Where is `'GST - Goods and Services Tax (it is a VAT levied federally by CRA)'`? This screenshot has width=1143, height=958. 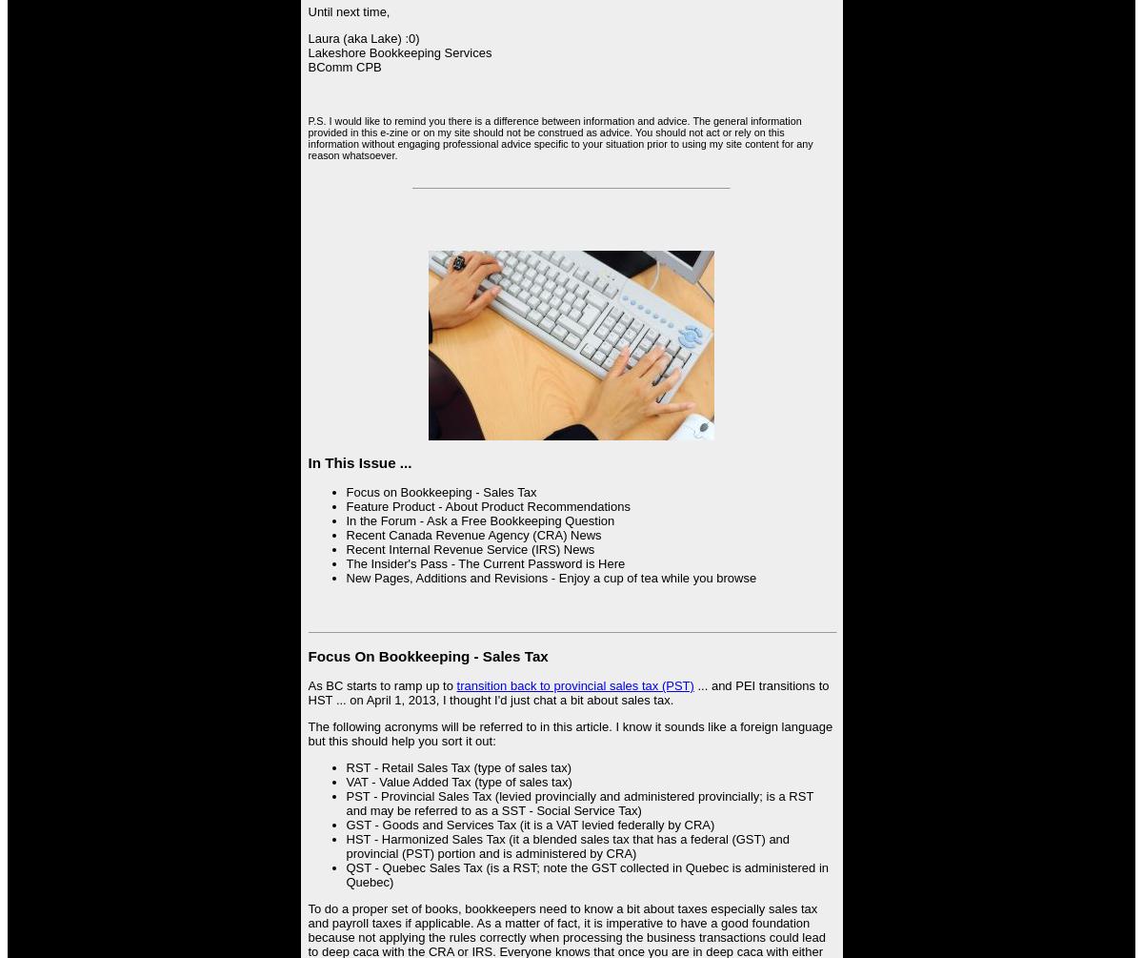
'GST - Goods and Services Tax (it is a VAT levied federally by CRA)' is located at coordinates (529, 823).